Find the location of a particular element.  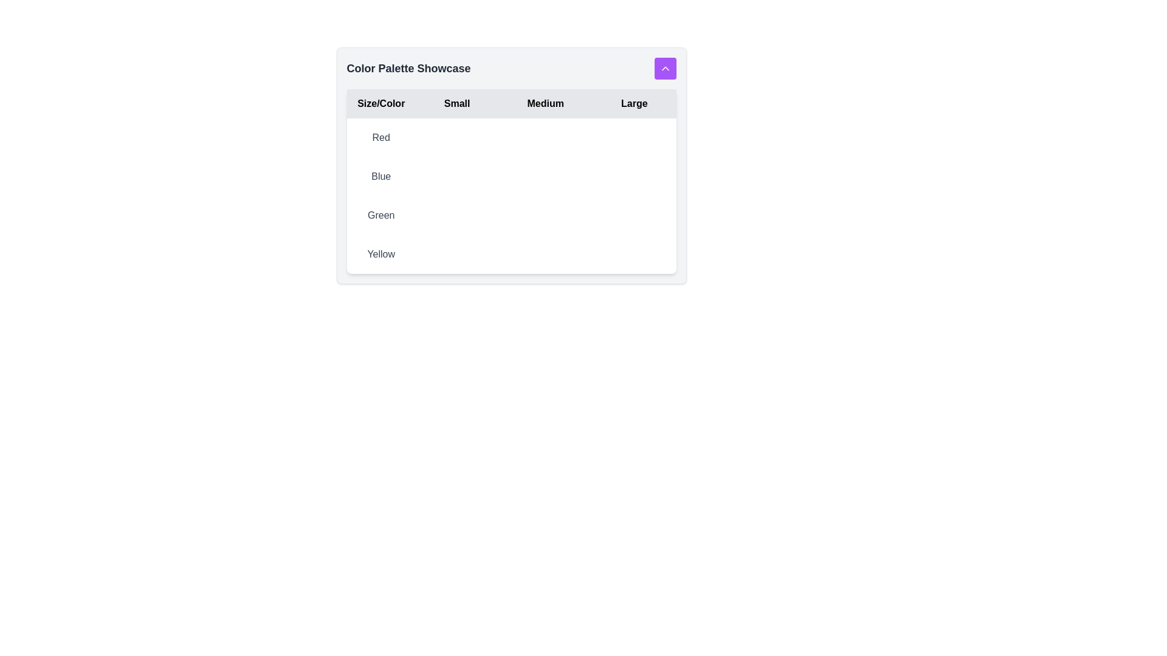

the fourth row in the table containing the word 'Yellow' is located at coordinates (511, 254).